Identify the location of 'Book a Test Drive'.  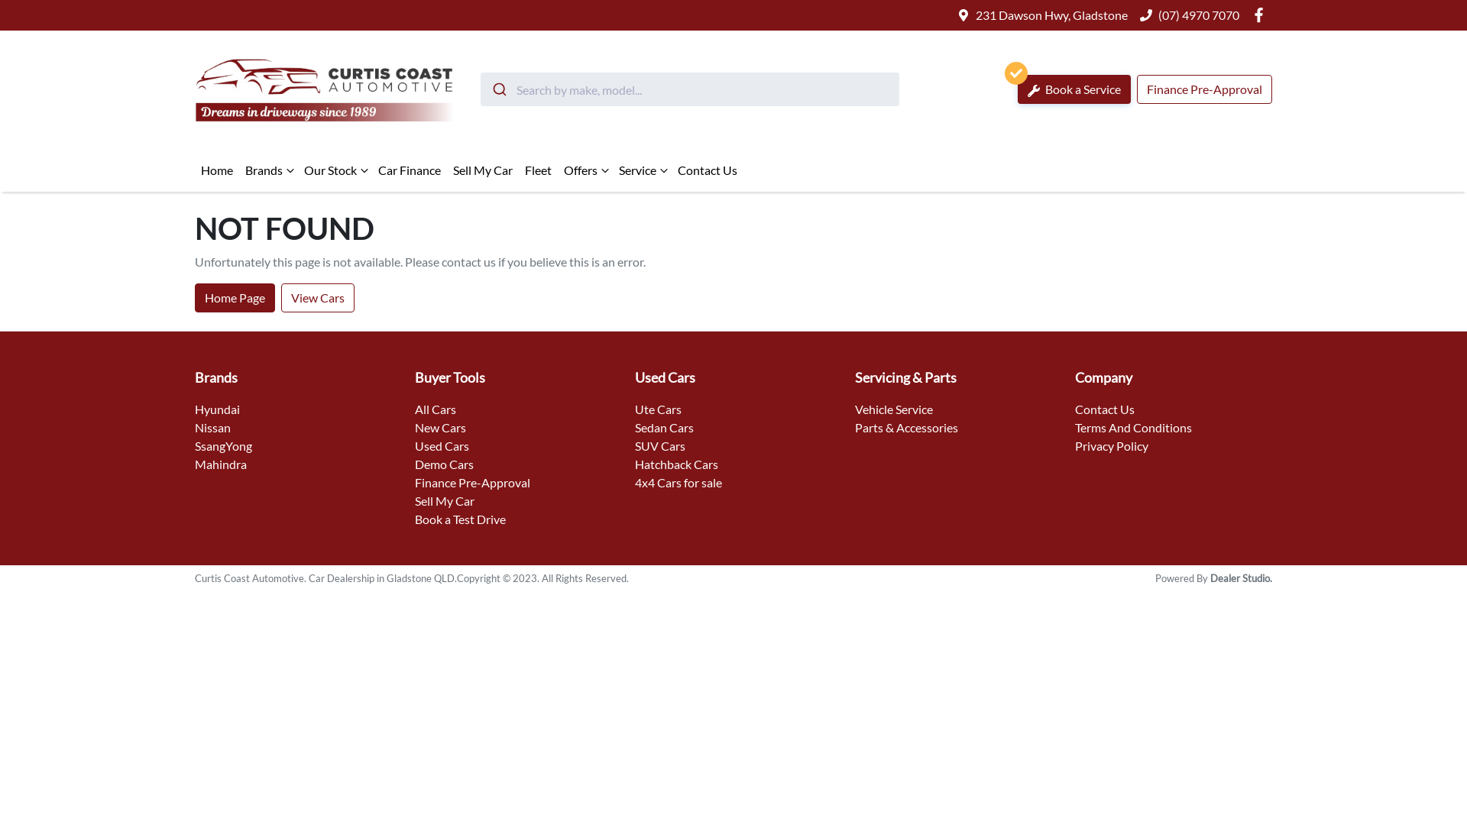
(459, 518).